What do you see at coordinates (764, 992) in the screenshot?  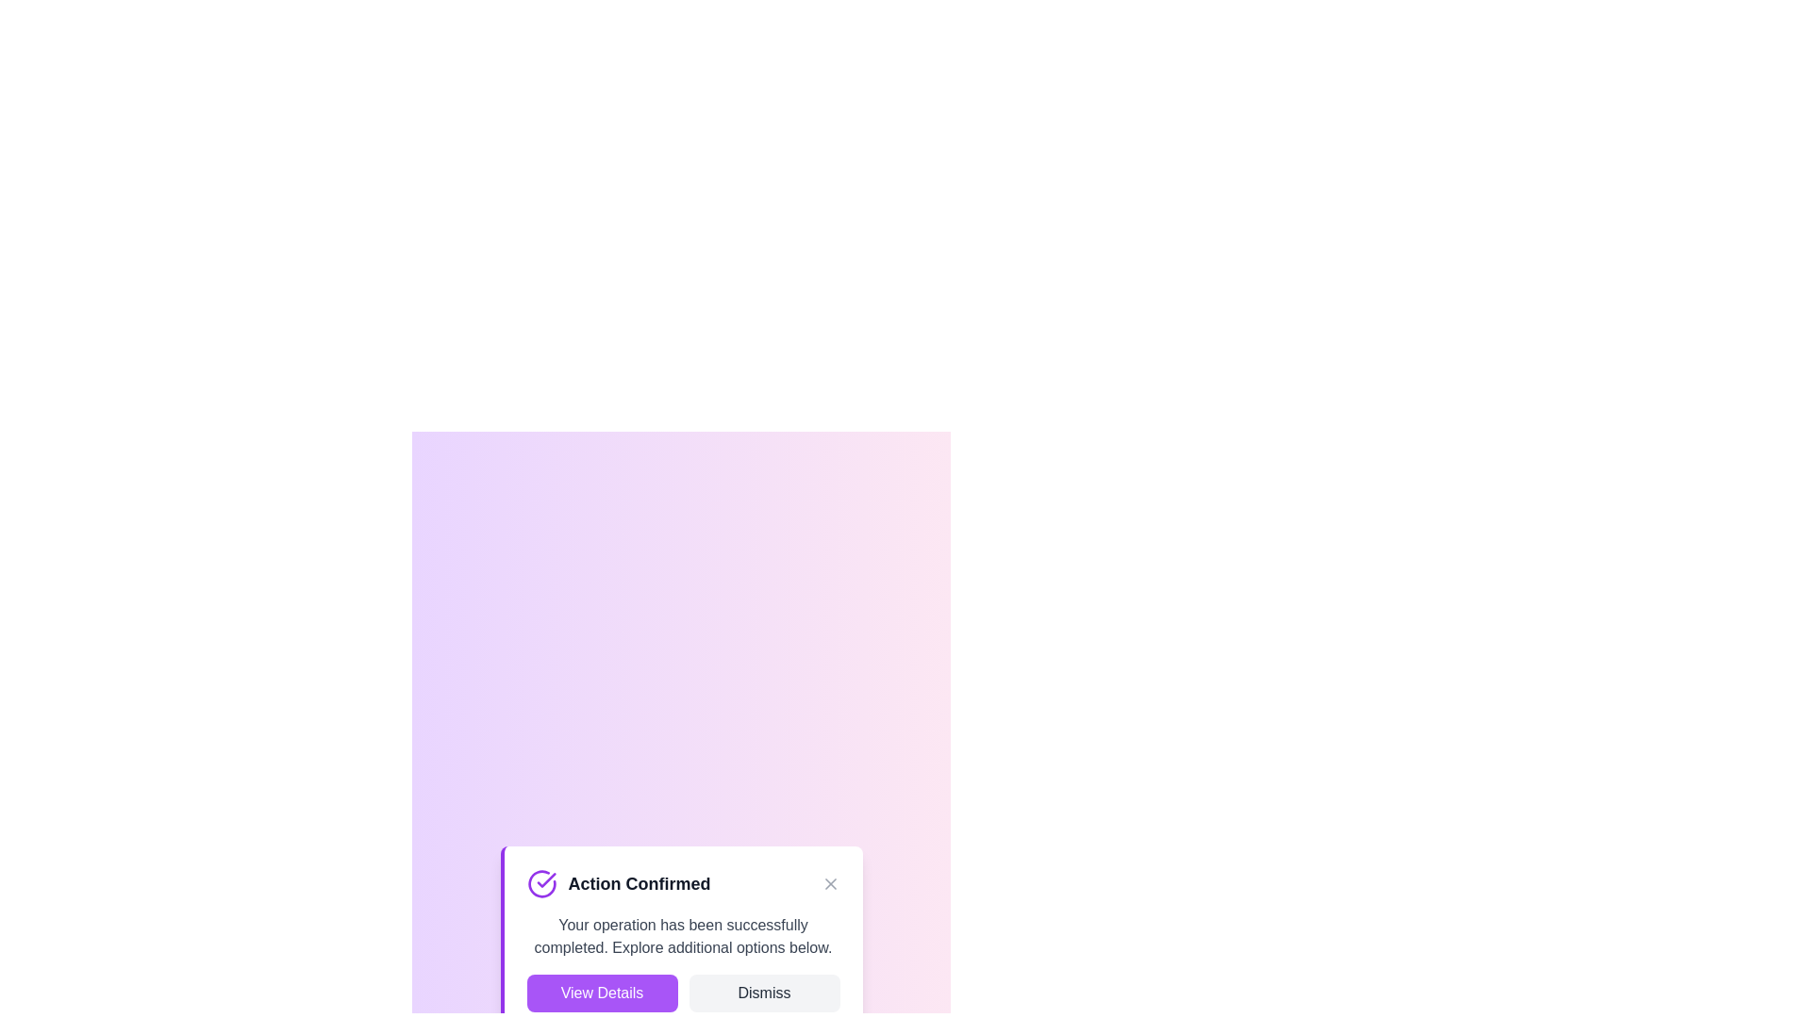 I see `'Dismiss' button to hide the alert` at bounding box center [764, 992].